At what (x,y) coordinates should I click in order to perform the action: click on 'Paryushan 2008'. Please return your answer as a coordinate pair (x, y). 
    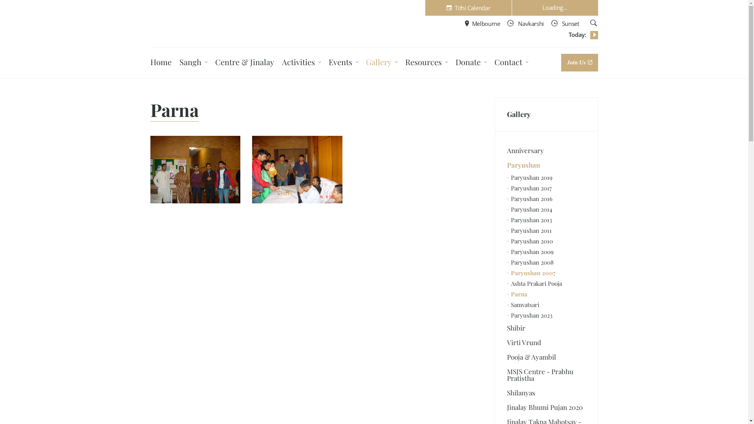
    Looking at the image, I should click on (507, 262).